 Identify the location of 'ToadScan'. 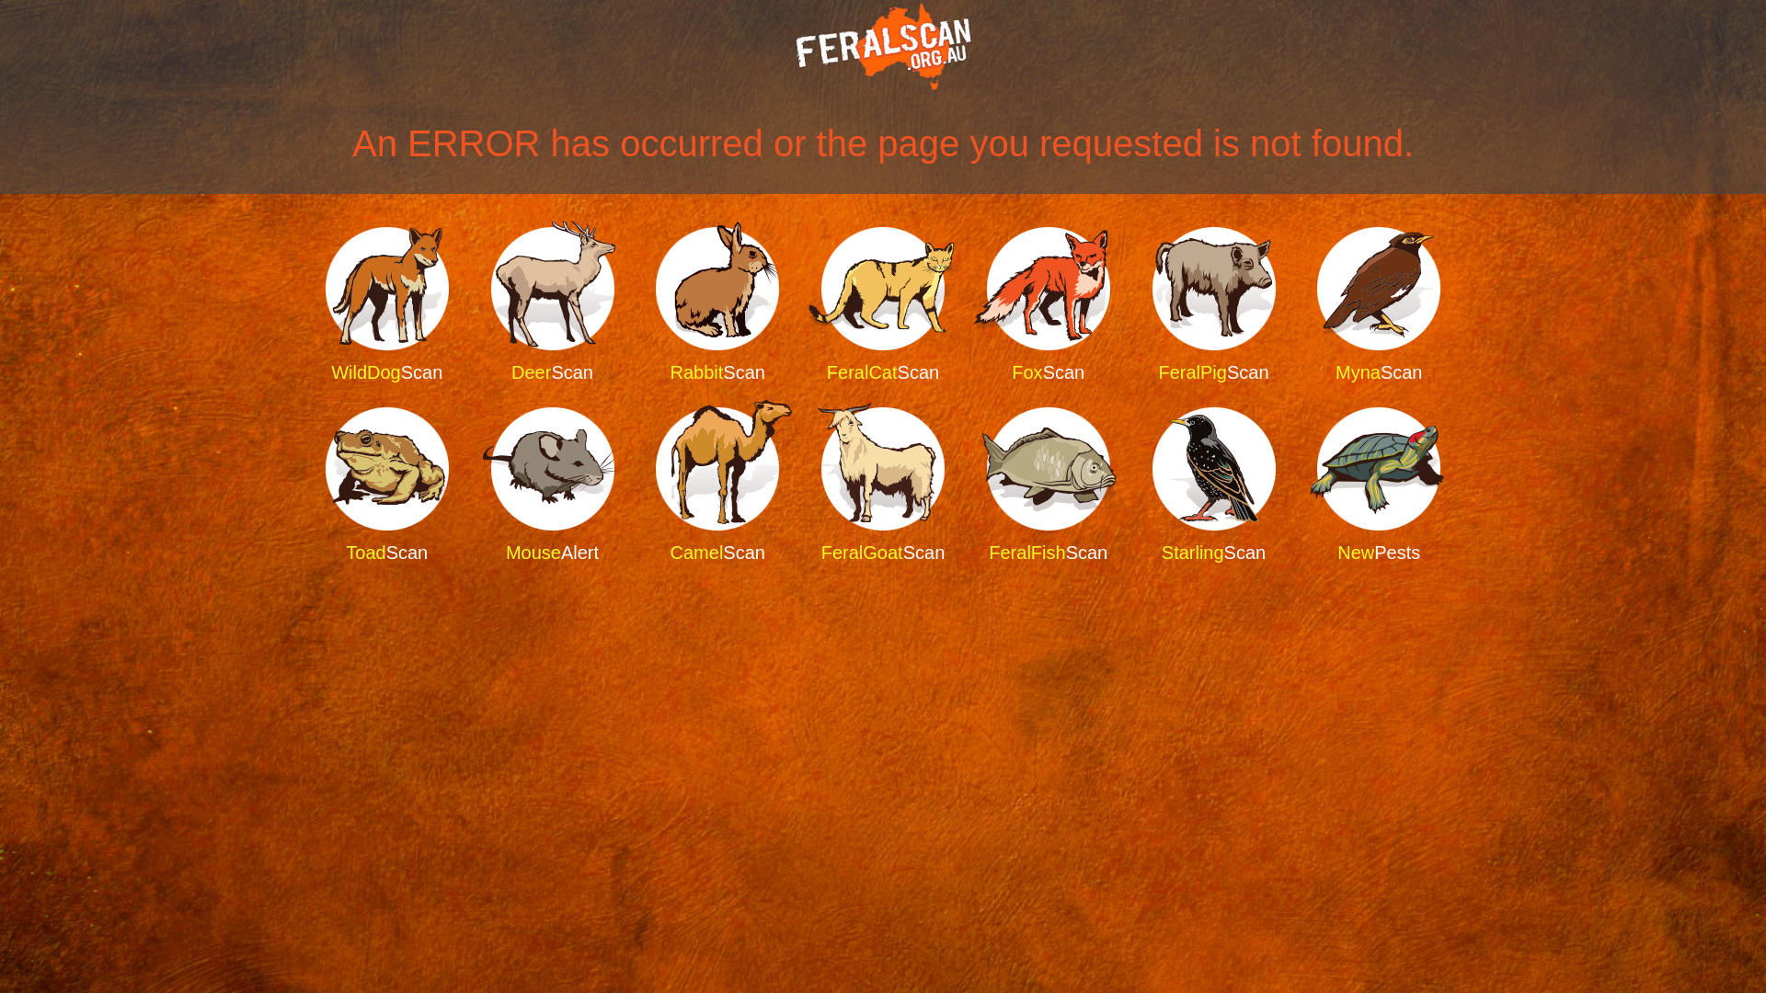
(386, 485).